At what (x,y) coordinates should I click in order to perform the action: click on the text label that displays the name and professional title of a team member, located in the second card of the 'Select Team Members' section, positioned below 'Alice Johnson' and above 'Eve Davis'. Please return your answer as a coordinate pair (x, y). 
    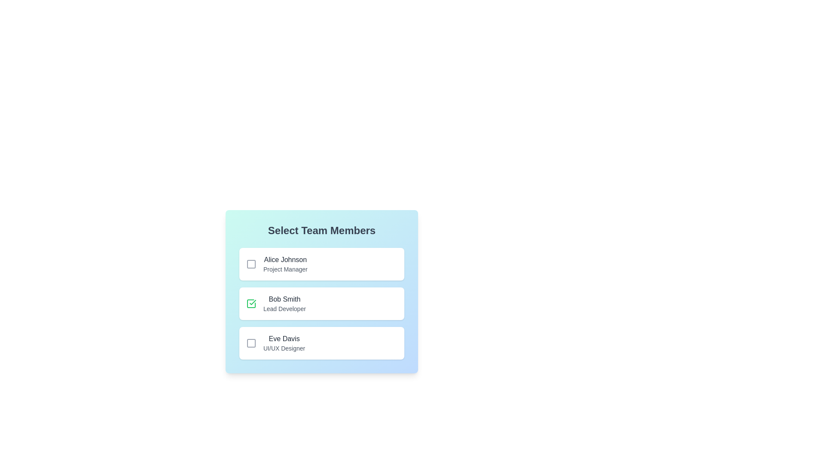
    Looking at the image, I should click on (284, 303).